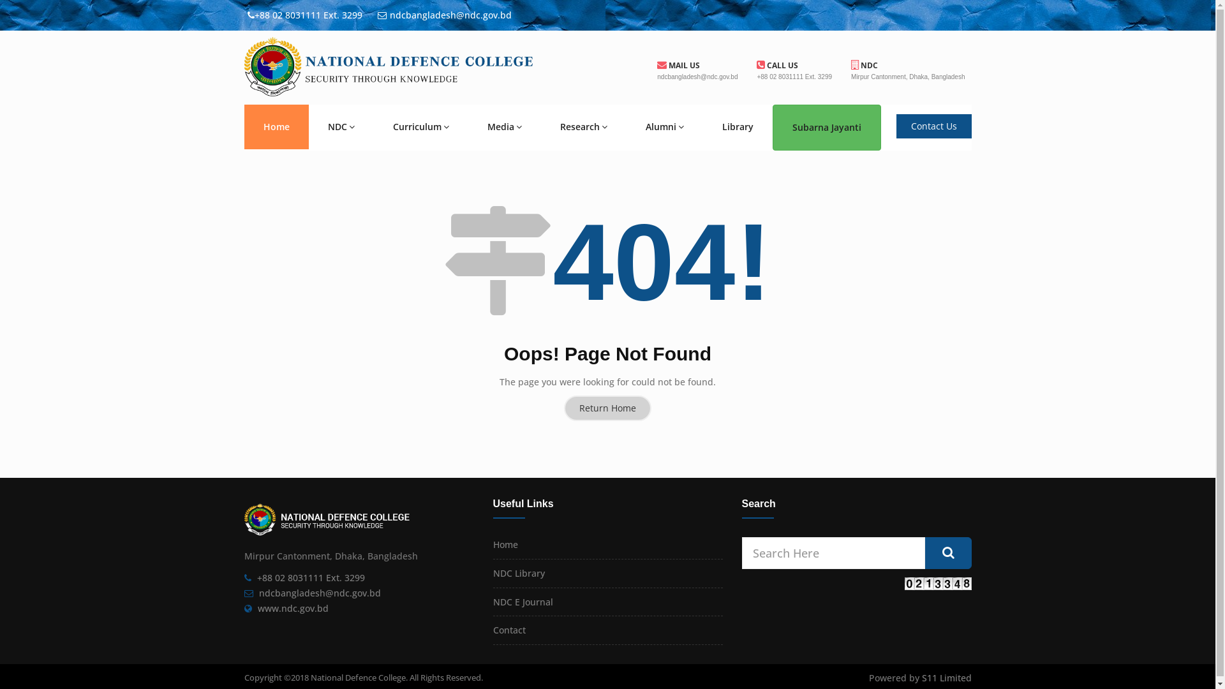 Image resolution: width=1225 pixels, height=689 pixels. What do you see at coordinates (938, 583) in the screenshot?
I see `'Free Counter'` at bounding box center [938, 583].